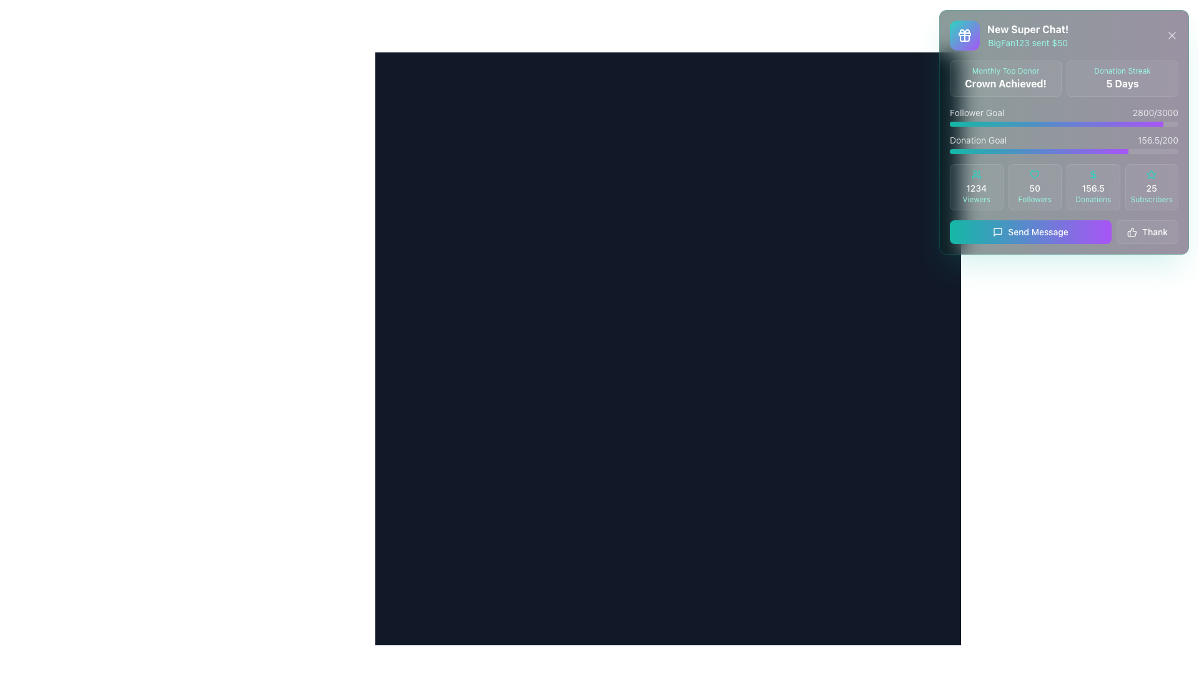  I want to click on the 'Thank' button, which is a rectangular, semi-transparent button with a thumbs-up icon, located at the bottom-right corner of the card interface, adjacent to the 'Send Message' button, so click(1147, 232).